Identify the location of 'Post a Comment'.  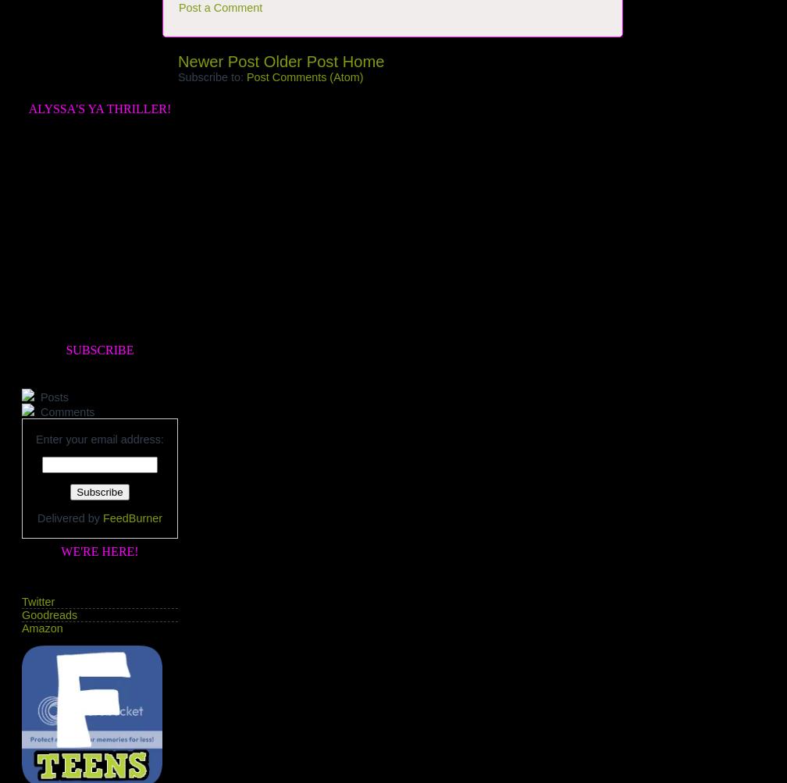
(220, 7).